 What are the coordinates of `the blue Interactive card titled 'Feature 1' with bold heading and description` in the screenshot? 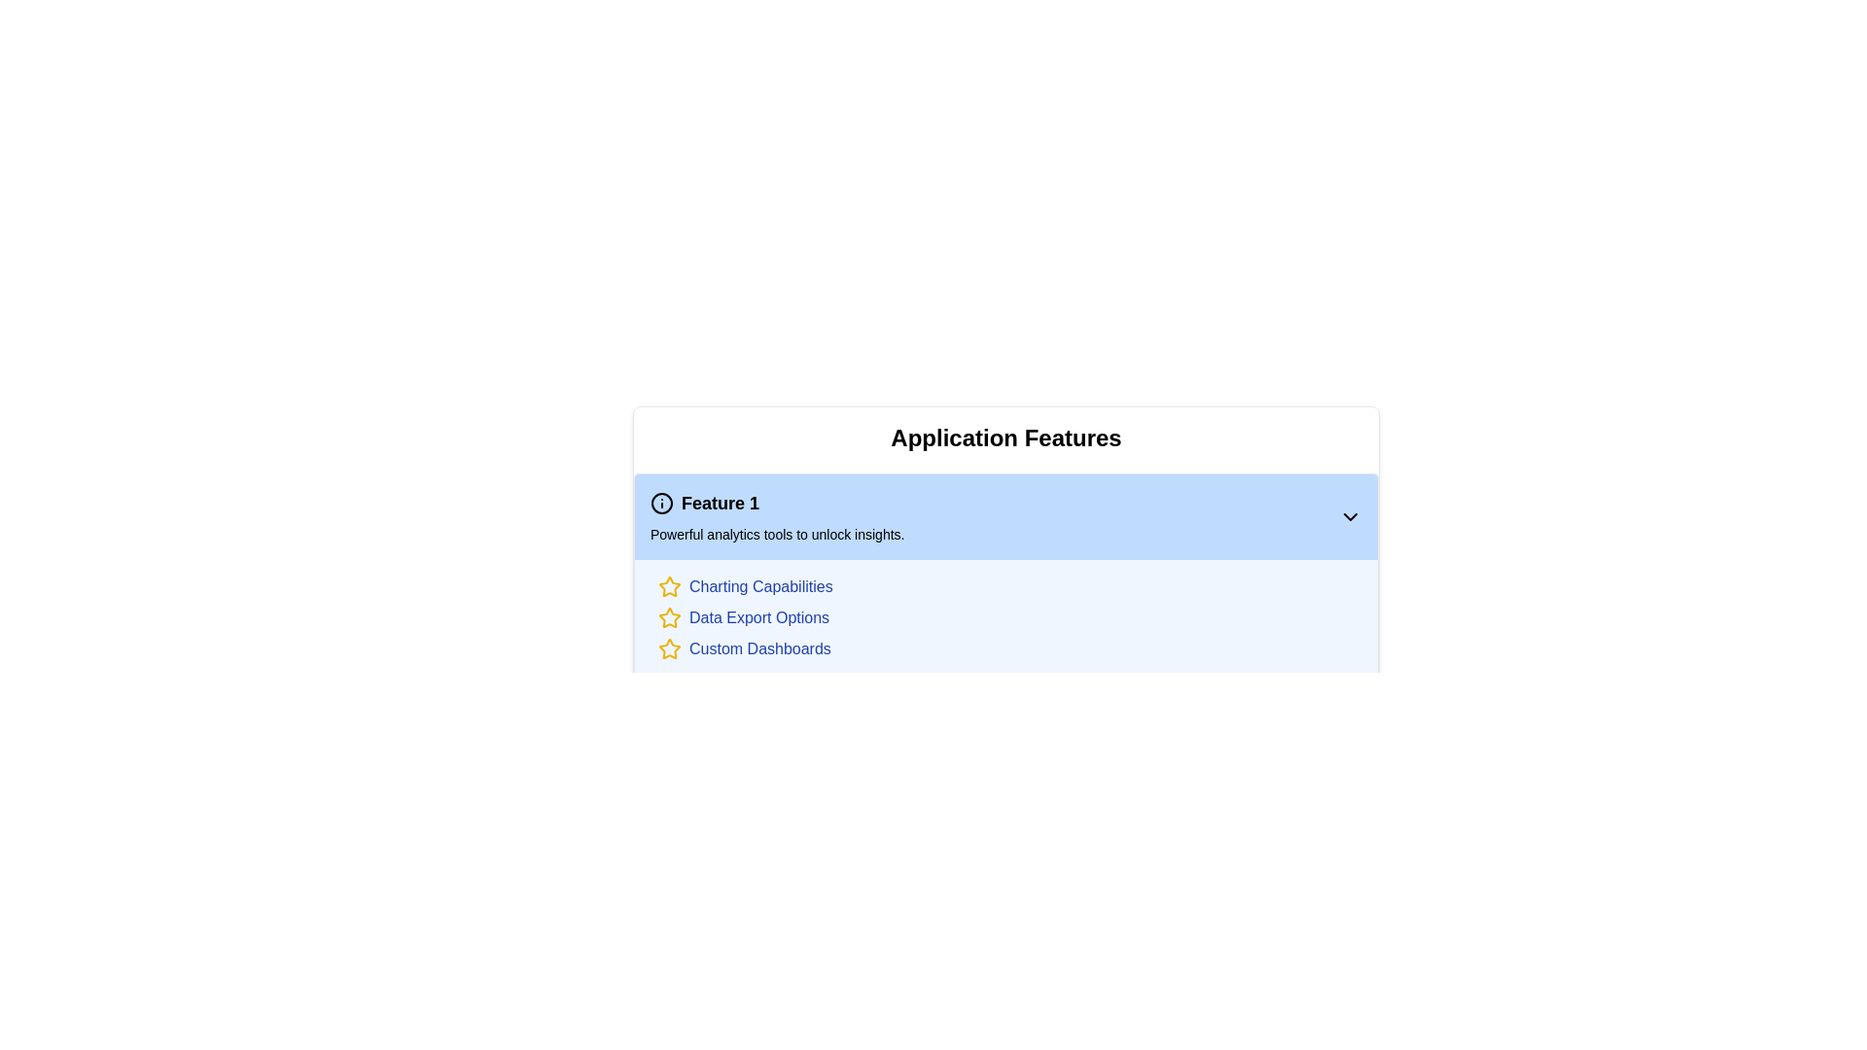 It's located at (1006, 516).